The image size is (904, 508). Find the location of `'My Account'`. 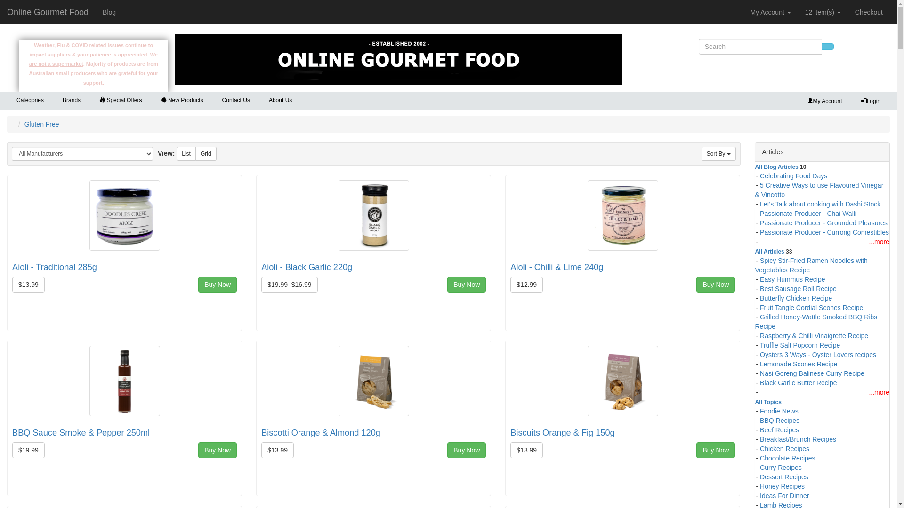

'My Account' is located at coordinates (770, 12).